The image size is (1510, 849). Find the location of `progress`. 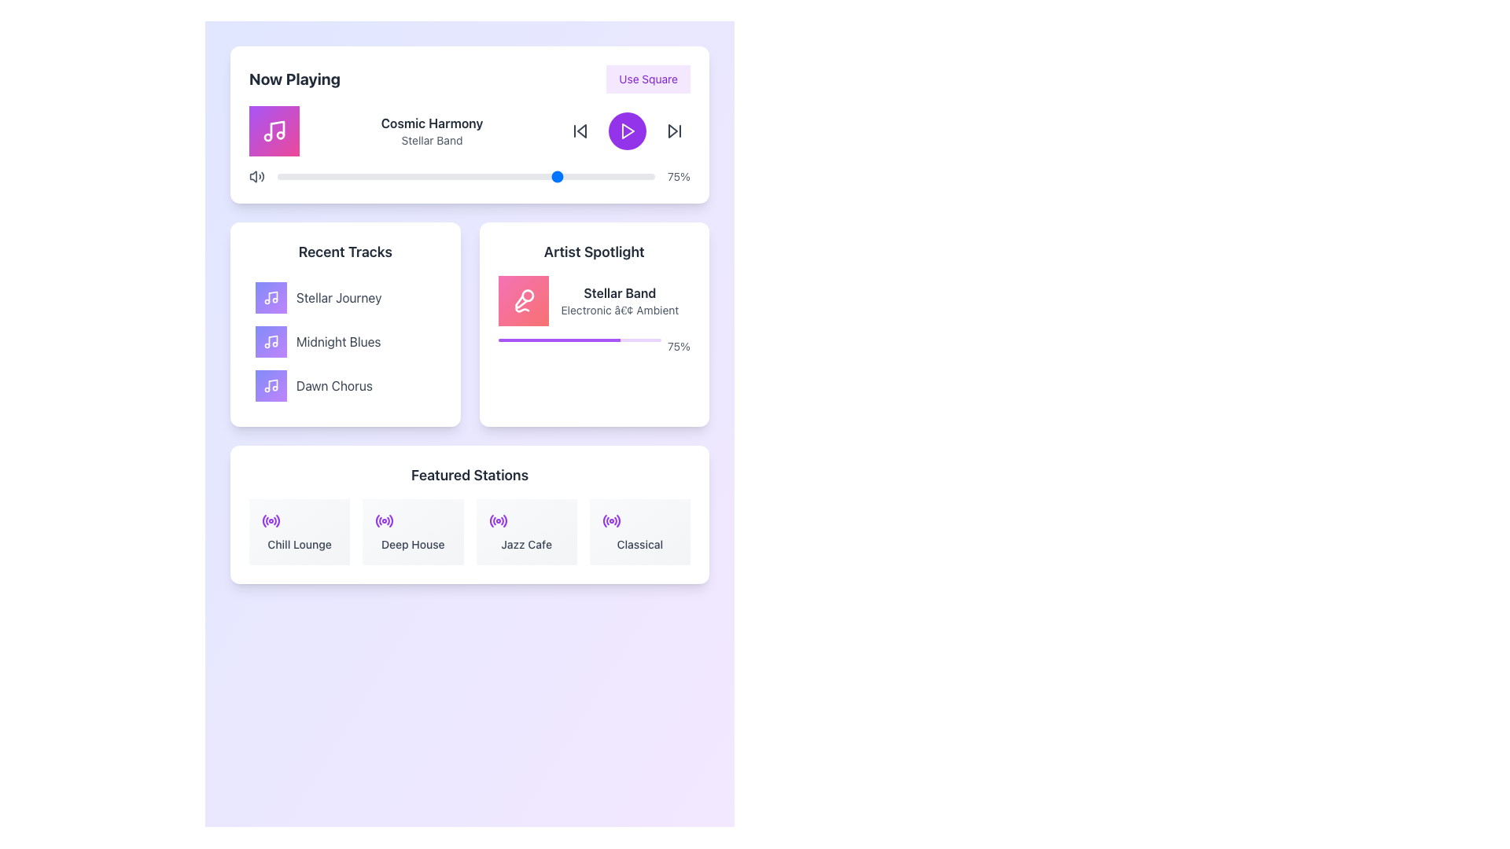

progress is located at coordinates (557, 339).